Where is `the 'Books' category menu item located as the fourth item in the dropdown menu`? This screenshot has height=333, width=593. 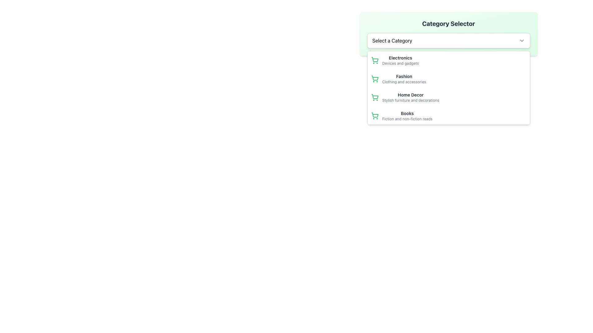 the 'Books' category menu item located as the fourth item in the dropdown menu is located at coordinates (448, 116).